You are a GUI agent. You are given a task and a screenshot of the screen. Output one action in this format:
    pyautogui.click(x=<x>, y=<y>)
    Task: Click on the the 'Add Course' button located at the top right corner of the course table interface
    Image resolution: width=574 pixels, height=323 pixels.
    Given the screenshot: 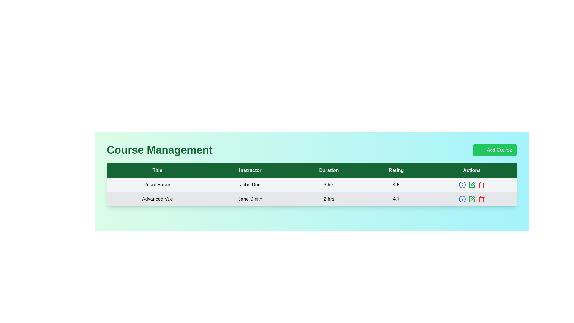 What is the action you would take?
    pyautogui.click(x=481, y=150)
    